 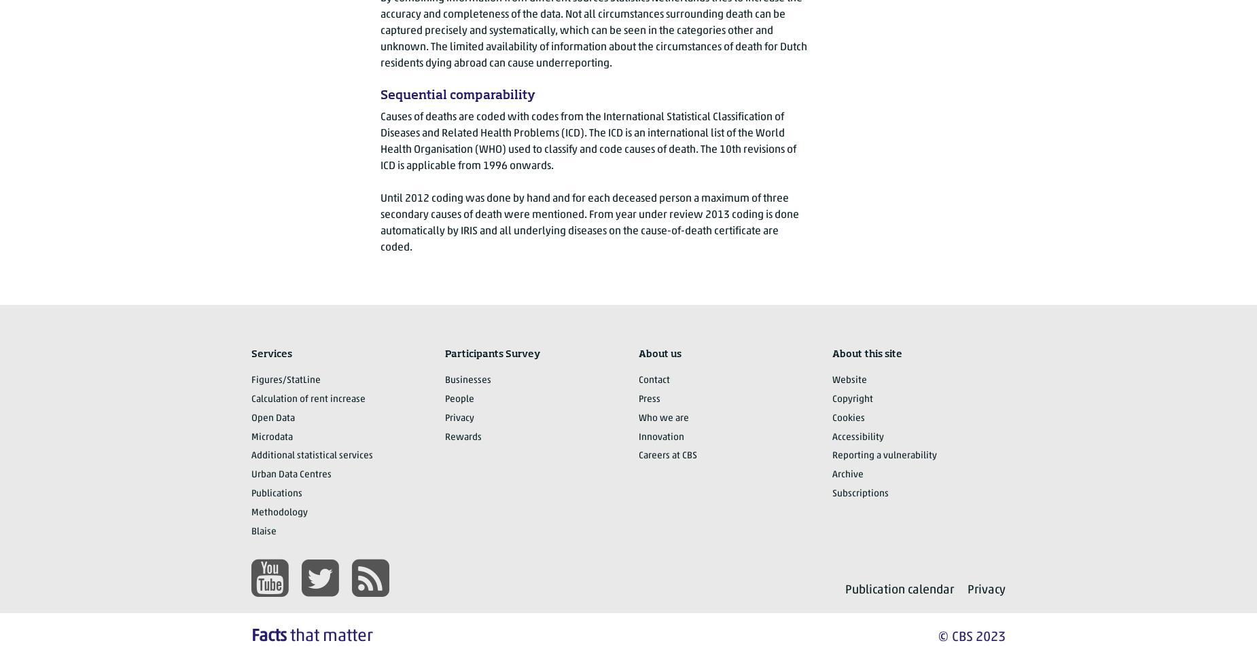 I want to click on 'that matter', so click(x=285, y=635).